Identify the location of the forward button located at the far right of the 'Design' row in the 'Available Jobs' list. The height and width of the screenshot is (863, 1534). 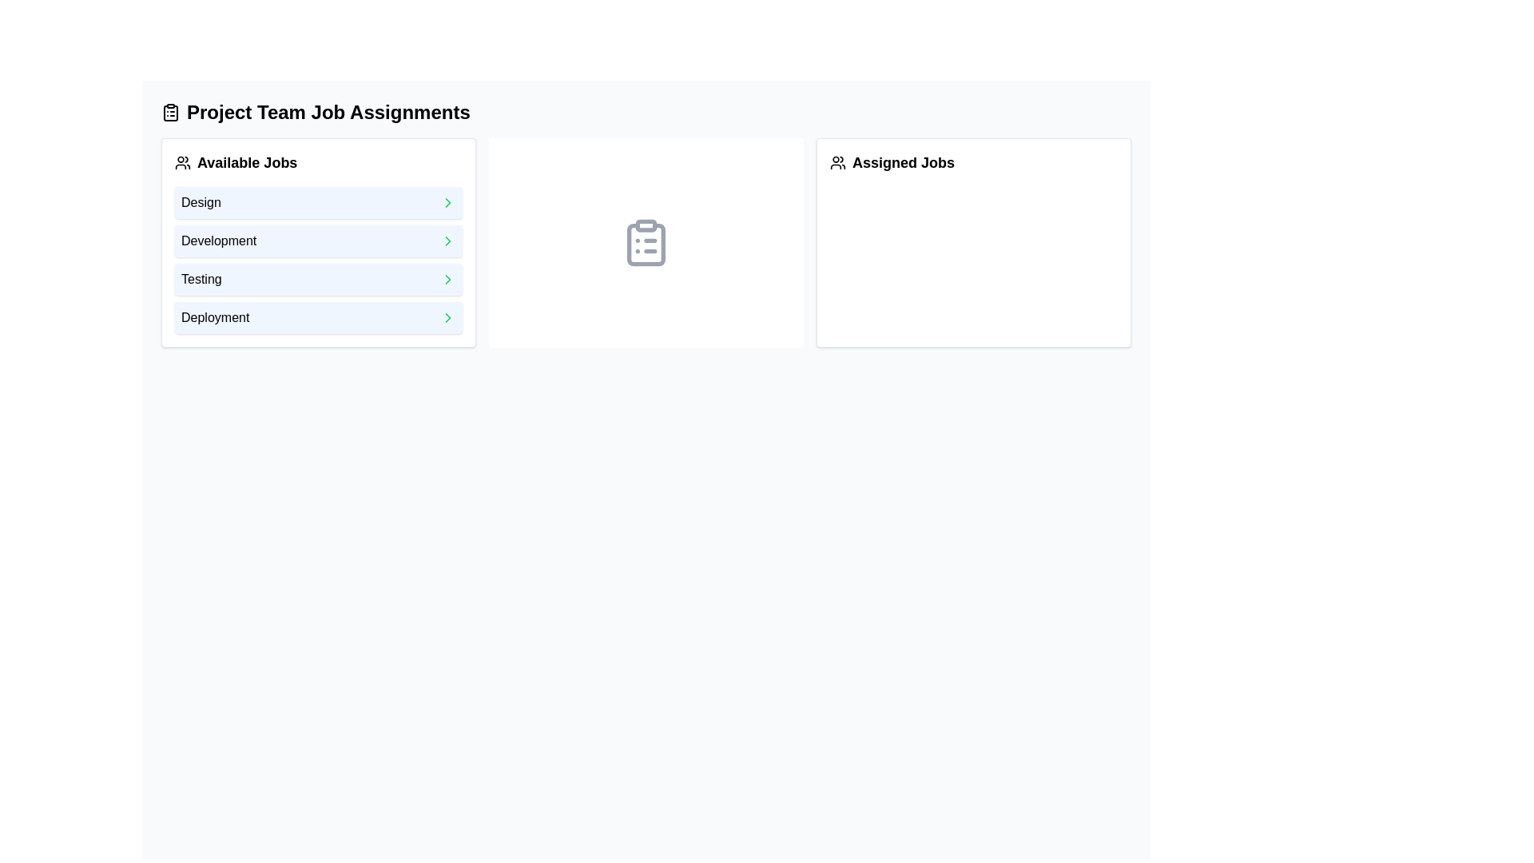
(447, 202).